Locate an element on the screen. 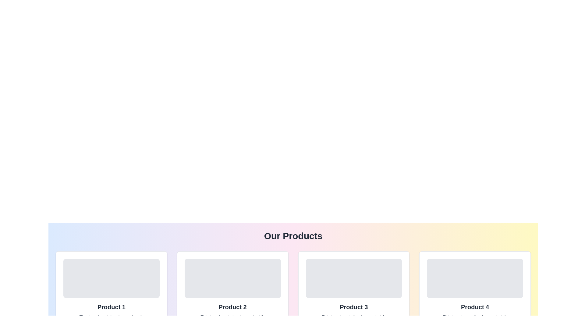  heading text element that introduces the sections of content below, located at the top of a gradient background and preceding a grid layout of product cards is located at coordinates (293, 236).